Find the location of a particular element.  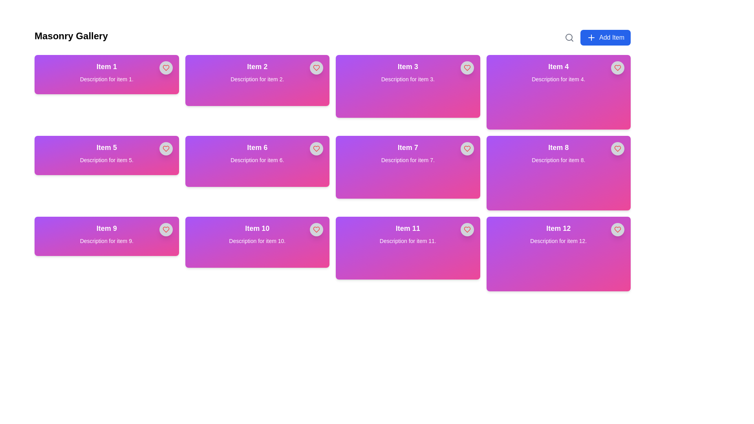

the rounded button with a light gray background and a red heart icon located at the top-right corner of the 'Item 8' card to like the item is located at coordinates (617, 148).